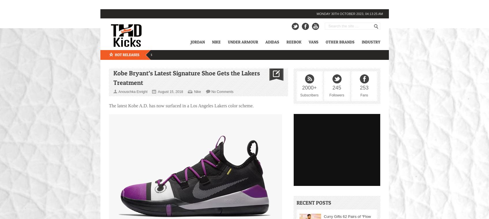 The height and width of the screenshot is (219, 489). Describe the element at coordinates (360, 94) in the screenshot. I see `'Fans'` at that location.